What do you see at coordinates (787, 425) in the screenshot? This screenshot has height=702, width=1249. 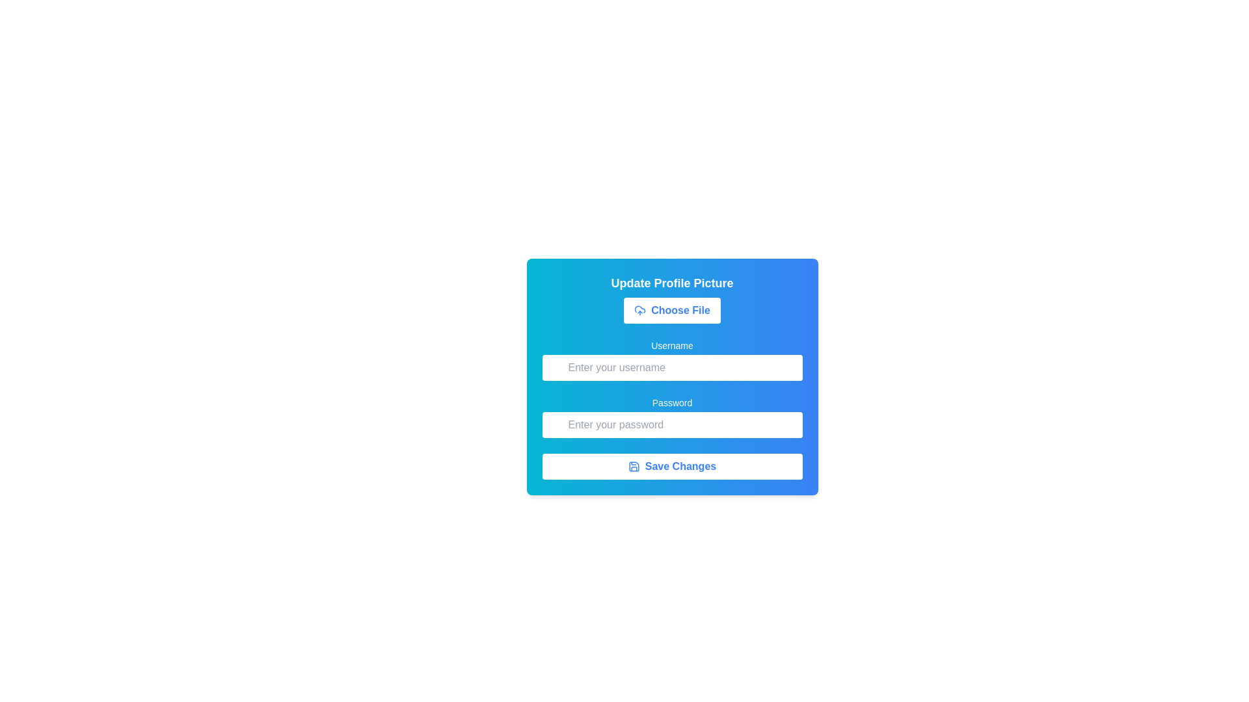 I see `the password visibility toggle button located at the top-right corner of the password input field` at bounding box center [787, 425].